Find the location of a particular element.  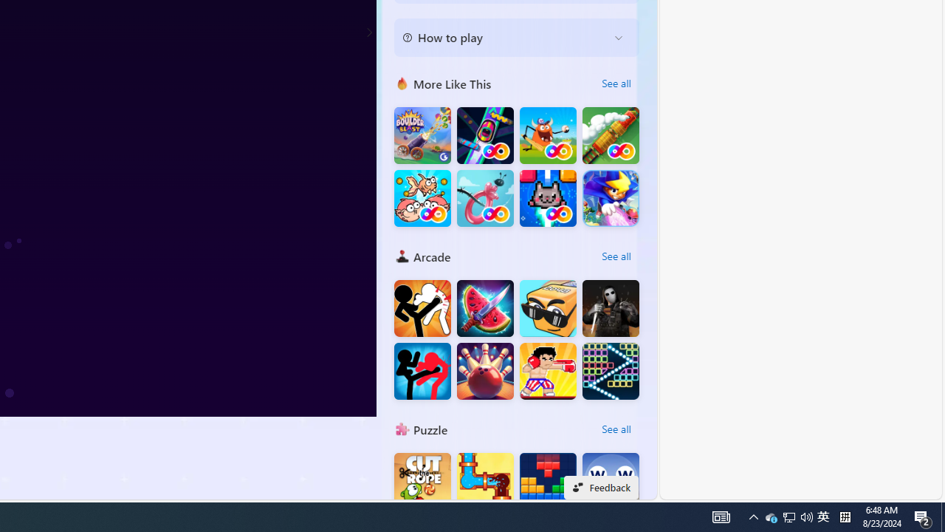

'Kitten Force FRVR' is located at coordinates (547, 197).